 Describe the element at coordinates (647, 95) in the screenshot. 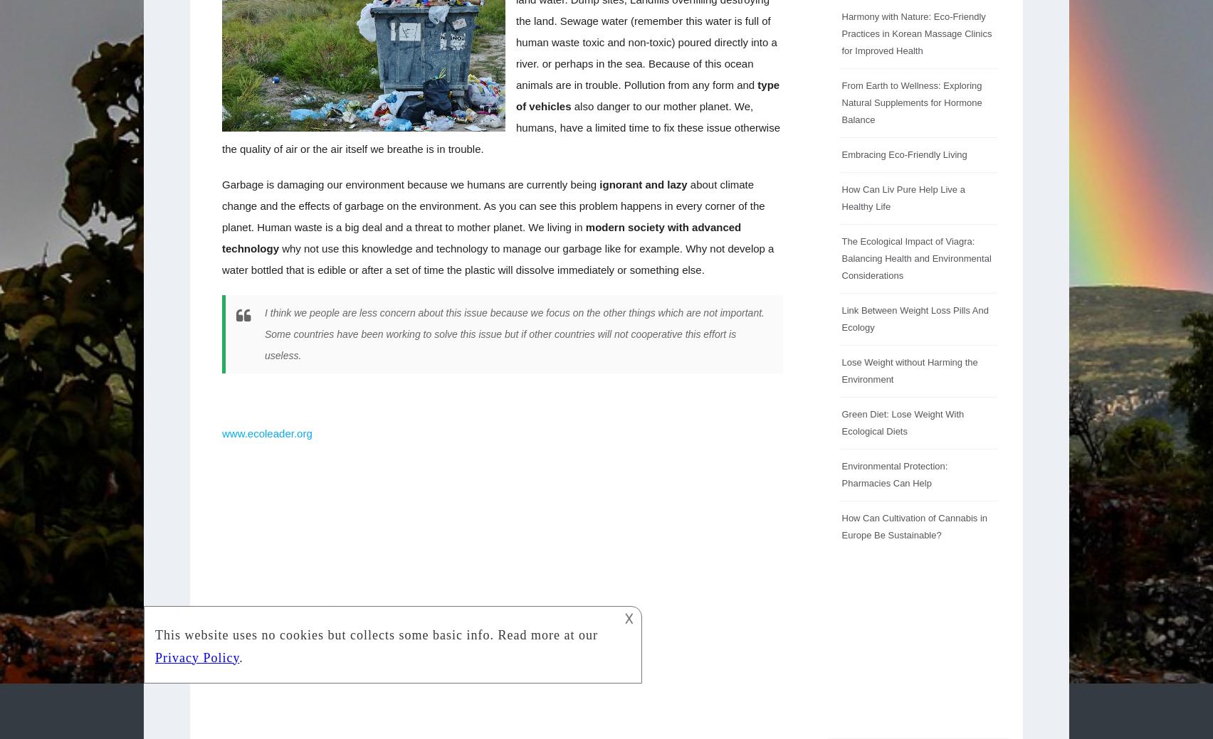

I see `'type of vehicles'` at that location.